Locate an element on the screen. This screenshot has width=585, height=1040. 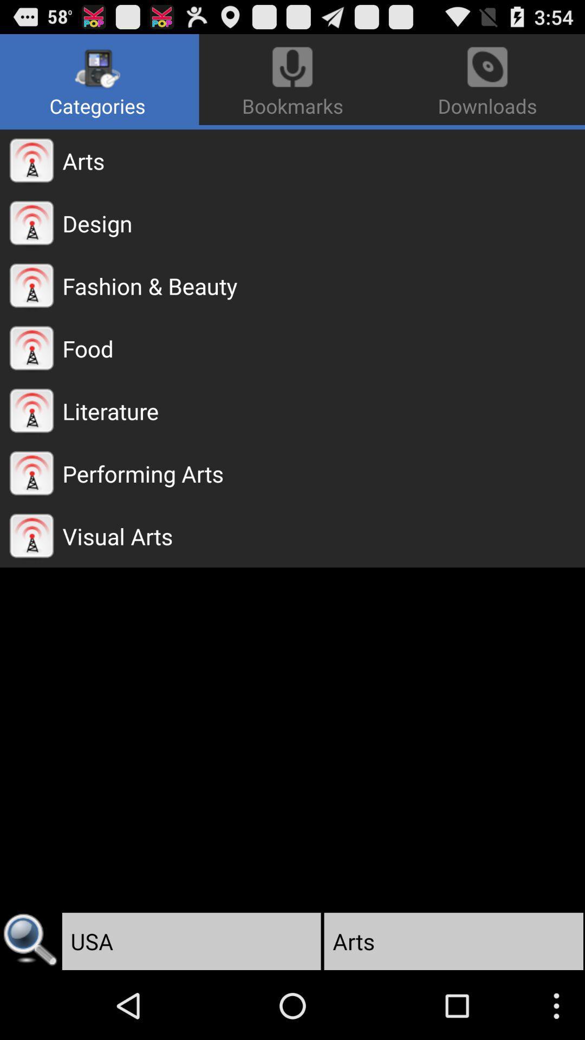
the downloads app is located at coordinates (485, 79).